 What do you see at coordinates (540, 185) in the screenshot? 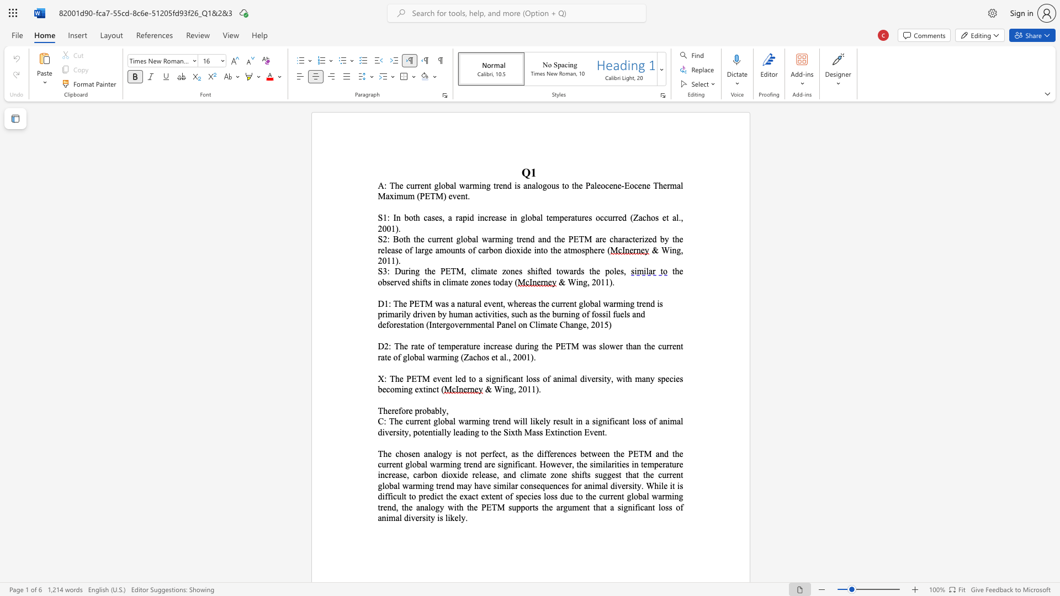
I see `the 2th character "o" in the text` at bounding box center [540, 185].